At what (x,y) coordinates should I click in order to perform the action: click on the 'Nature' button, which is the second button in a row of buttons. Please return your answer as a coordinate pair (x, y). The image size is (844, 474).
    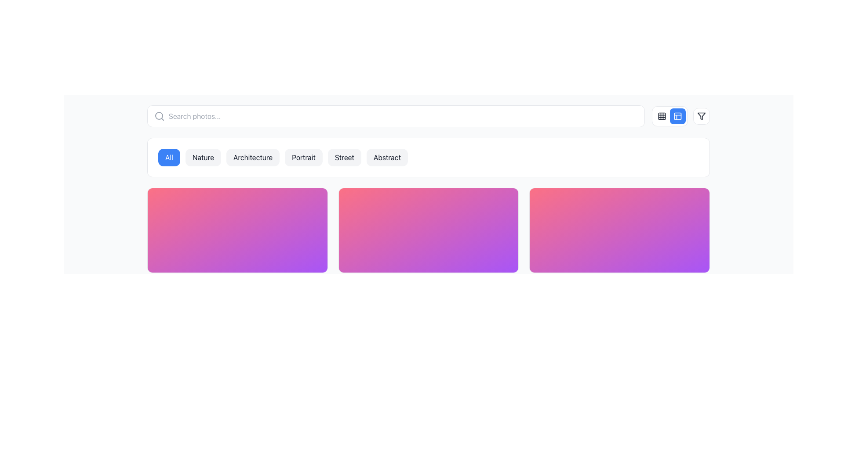
    Looking at the image, I should click on (203, 157).